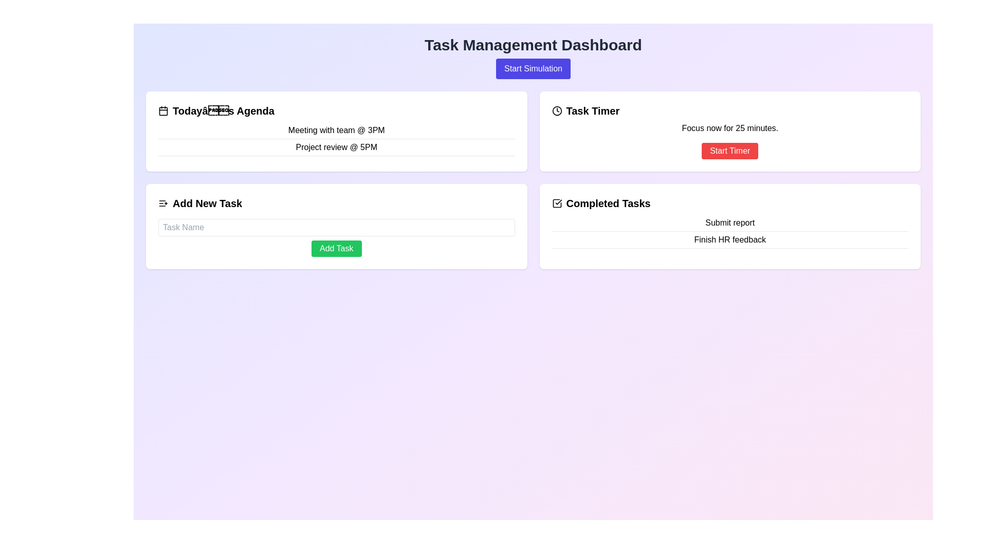 This screenshot has width=987, height=555. Describe the element at coordinates (556, 203) in the screenshot. I see `the outer frame of the checkbox icon in the 'Completed Tasks' section, located near the top-right corner of the dashboard interface` at that location.